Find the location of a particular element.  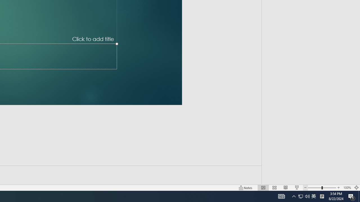

'Zoom 100%' is located at coordinates (347, 188).